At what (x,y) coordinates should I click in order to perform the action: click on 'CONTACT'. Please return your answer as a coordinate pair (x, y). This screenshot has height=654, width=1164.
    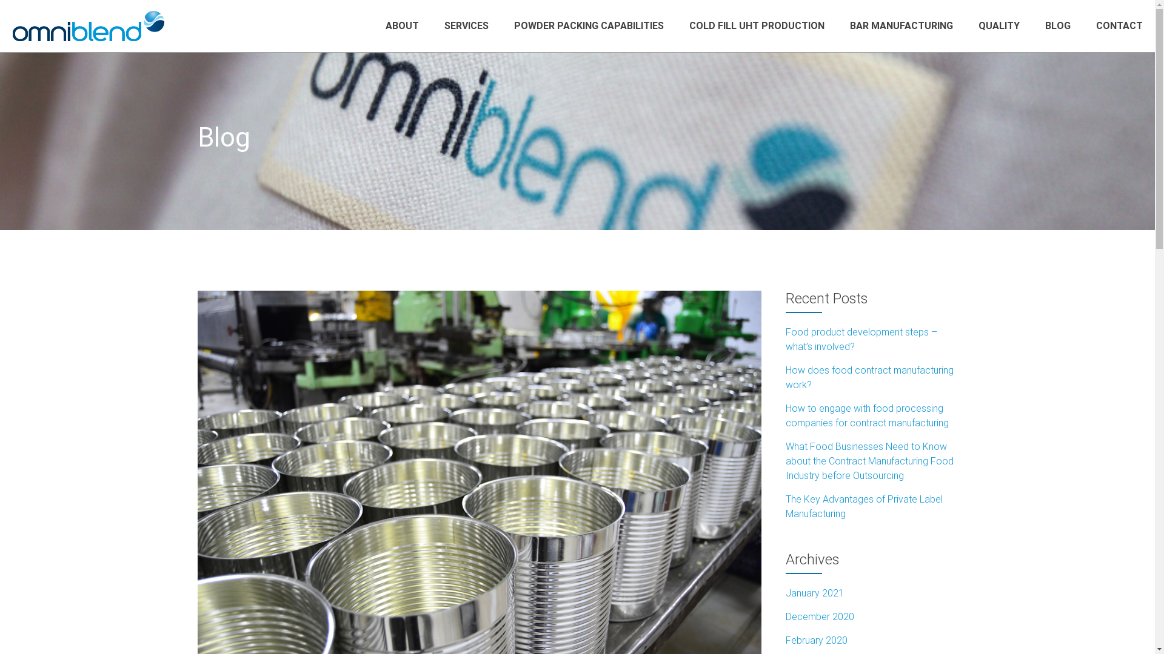
    Looking at the image, I should click on (1119, 25).